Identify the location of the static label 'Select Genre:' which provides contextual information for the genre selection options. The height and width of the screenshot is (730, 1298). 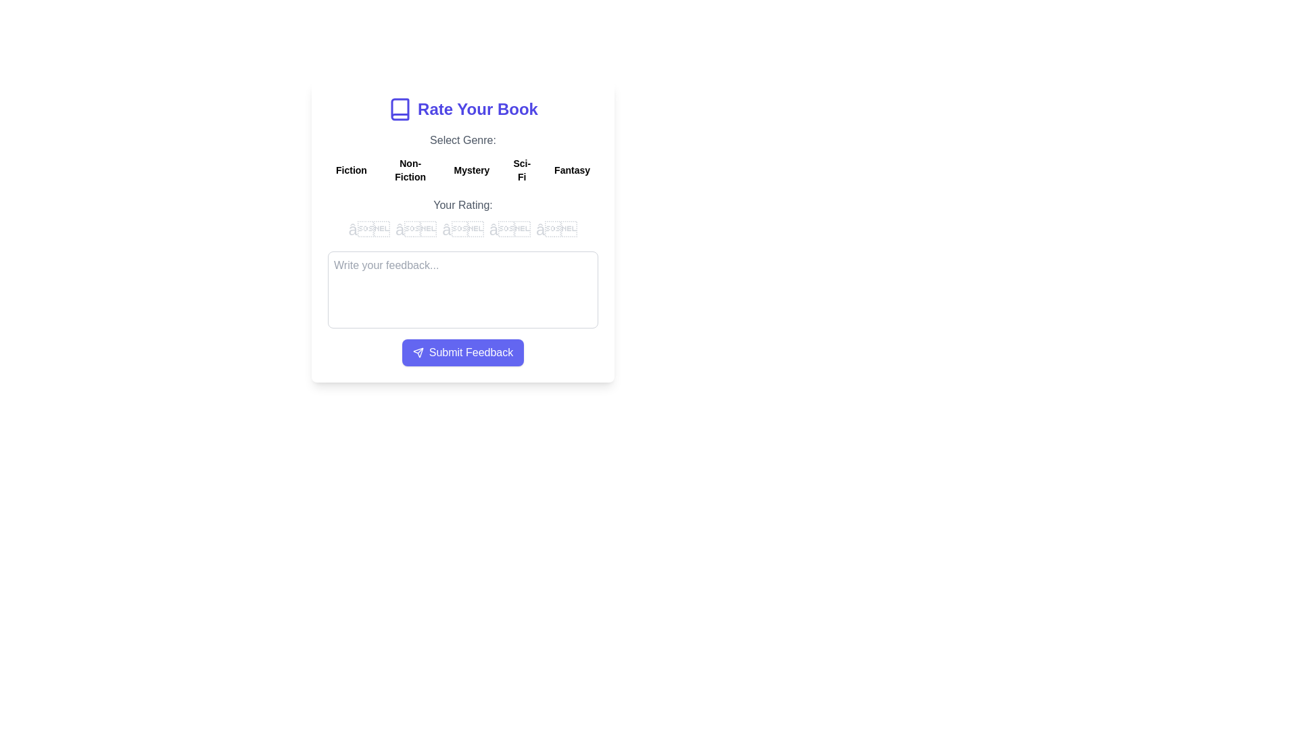
(463, 141).